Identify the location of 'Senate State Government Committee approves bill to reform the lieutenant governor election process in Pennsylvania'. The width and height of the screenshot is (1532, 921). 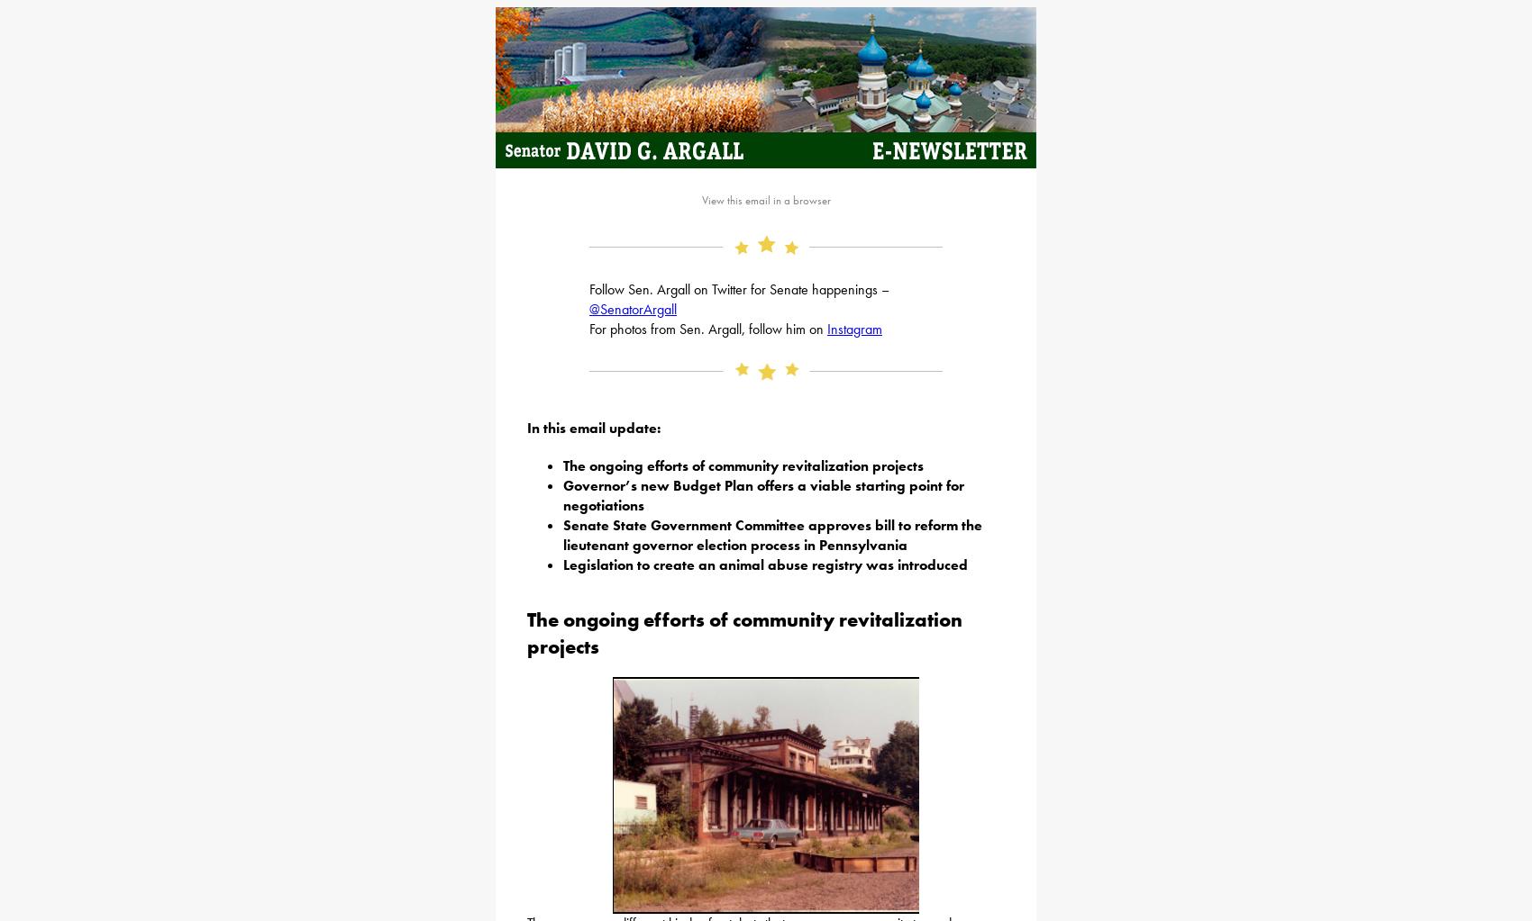
(772, 533).